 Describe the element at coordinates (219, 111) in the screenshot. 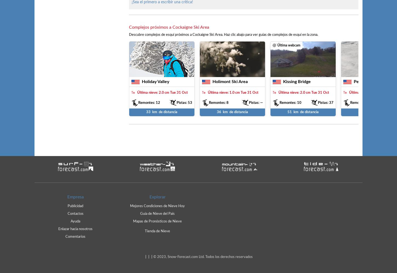

I see `'36'` at that location.